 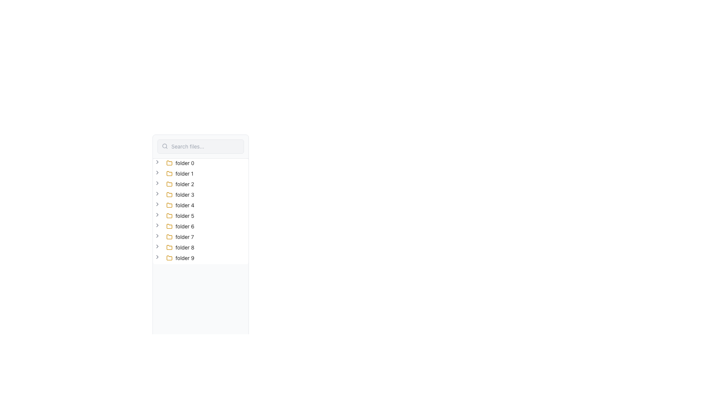 What do you see at coordinates (180, 226) in the screenshot?
I see `the static text label representing 'folder 6' in the tree navigation menu` at bounding box center [180, 226].